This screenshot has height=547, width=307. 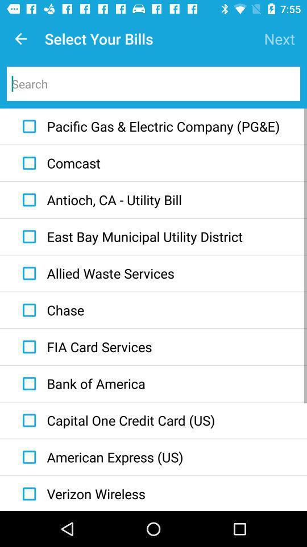 What do you see at coordinates (20, 39) in the screenshot?
I see `the item to the left of the select your bills icon` at bounding box center [20, 39].